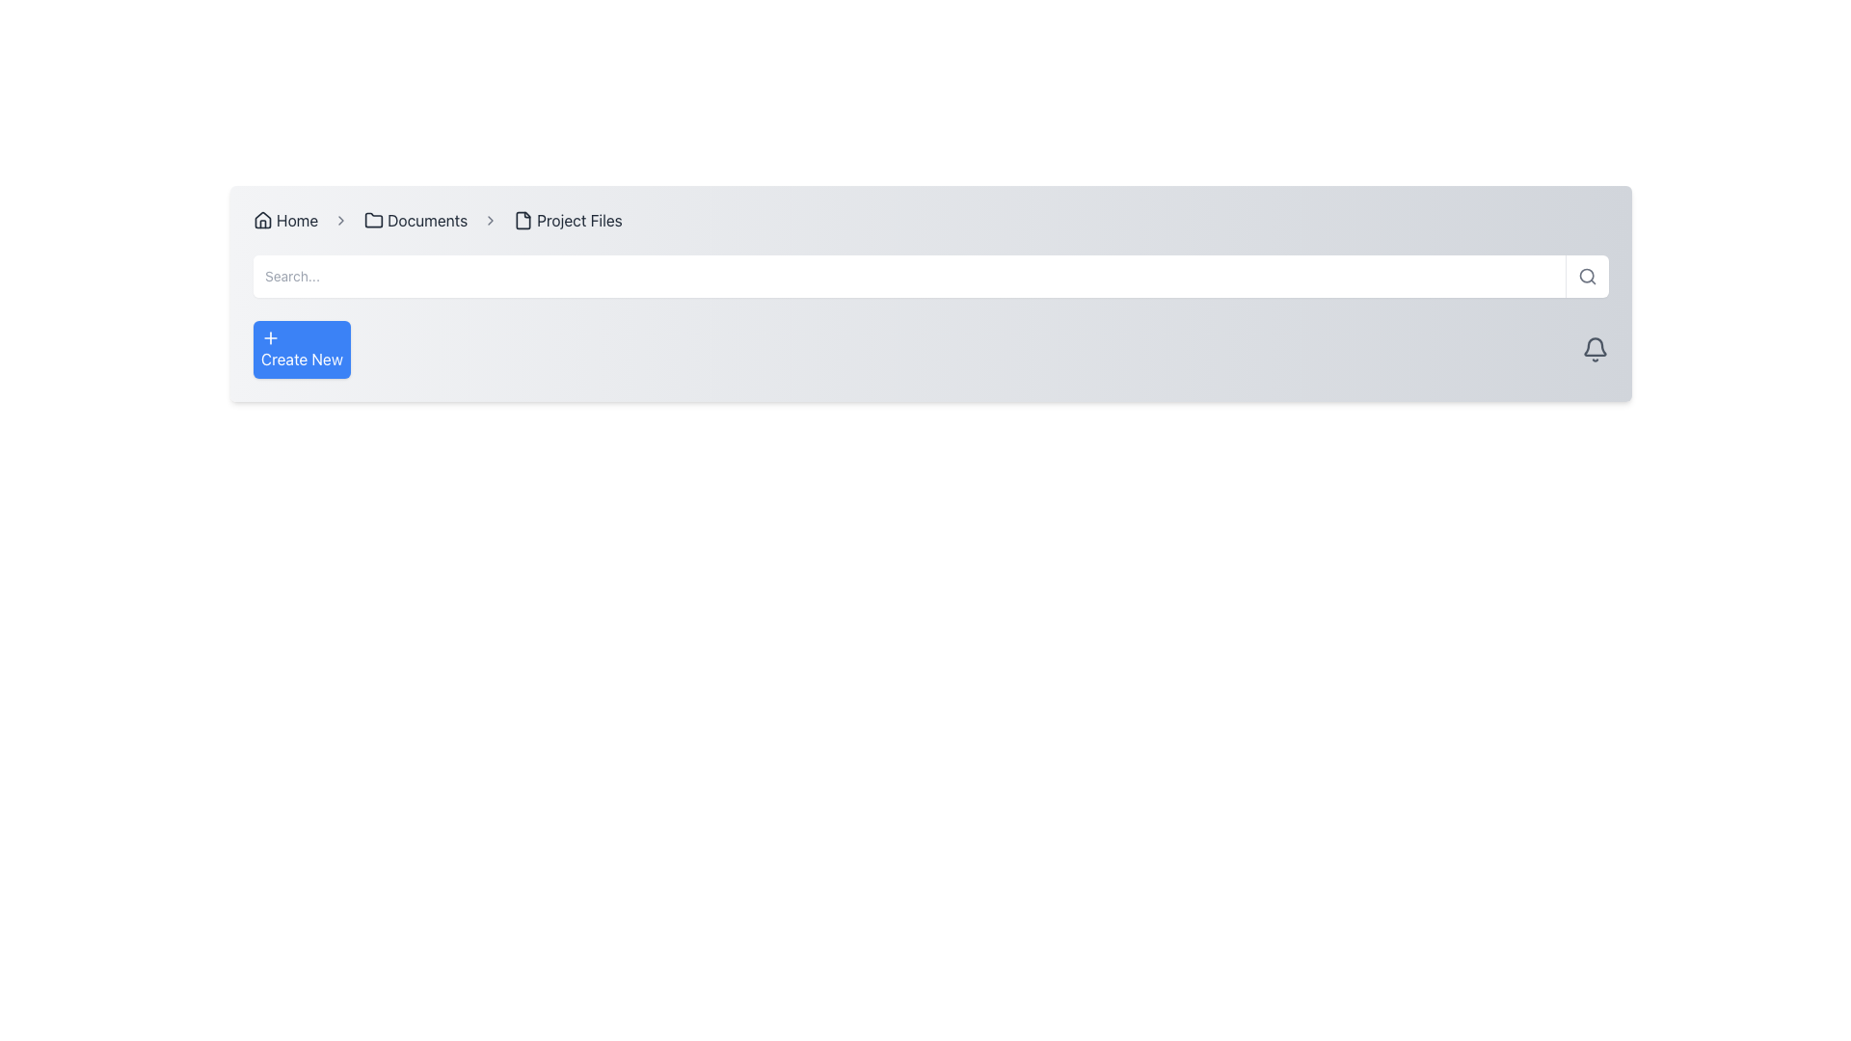 The height and width of the screenshot is (1041, 1851). Describe the element at coordinates (930, 219) in the screenshot. I see `the Breadcrumb navigation bar at the center point` at that location.